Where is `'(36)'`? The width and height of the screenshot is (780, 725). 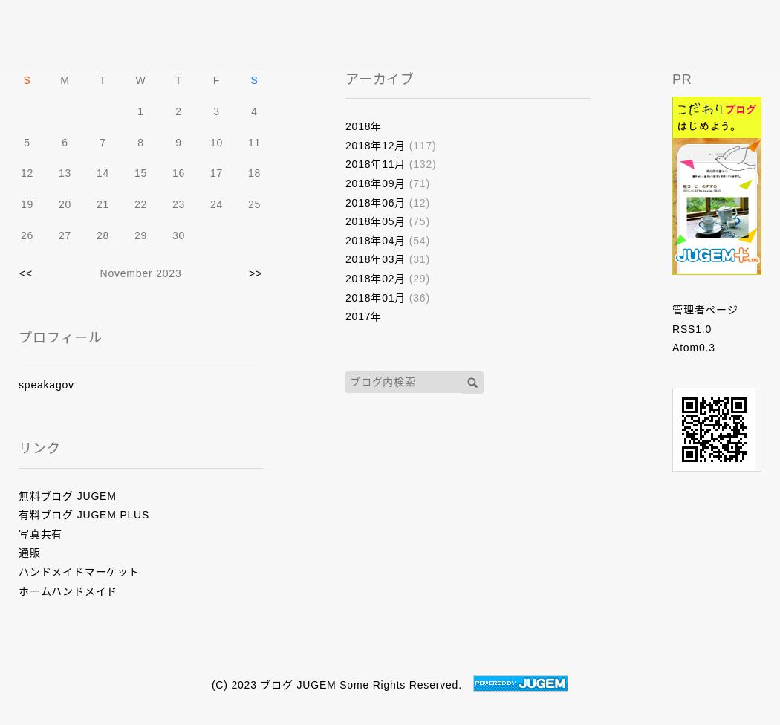 '(36)' is located at coordinates (417, 296).